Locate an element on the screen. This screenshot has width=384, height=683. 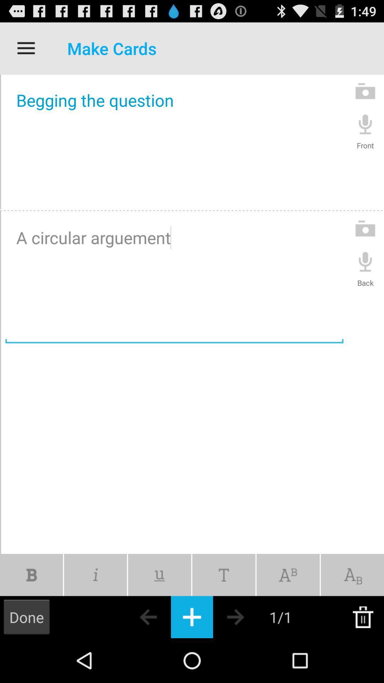
the delete icon is located at coordinates (363, 660).